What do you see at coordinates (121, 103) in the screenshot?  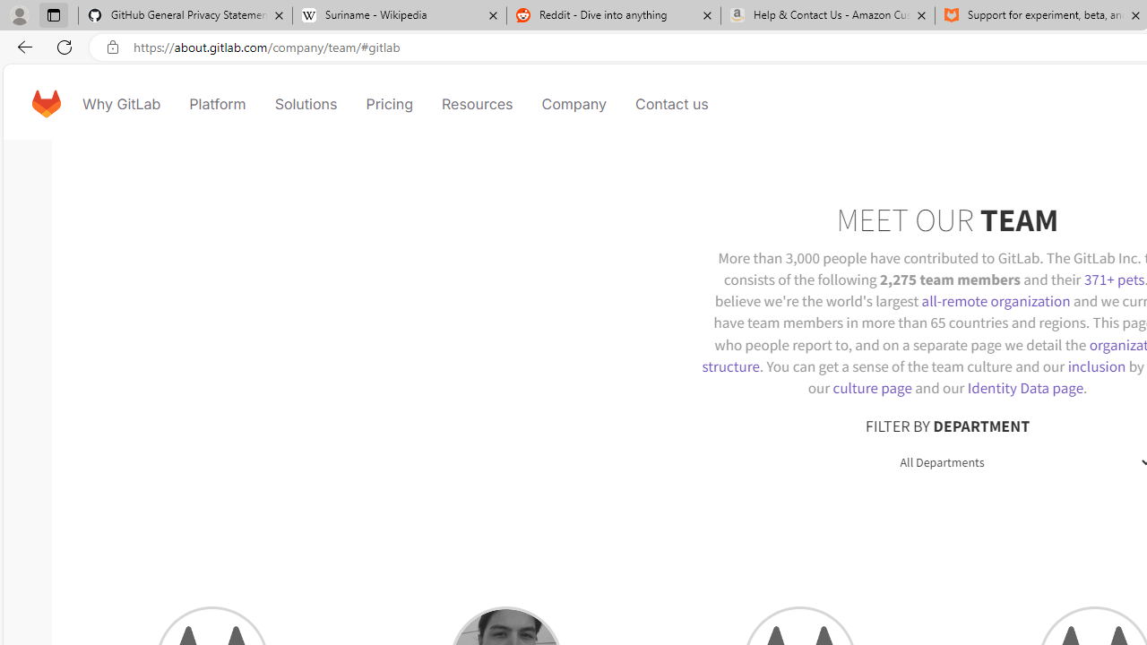 I see `'Why GitLab'` at bounding box center [121, 103].